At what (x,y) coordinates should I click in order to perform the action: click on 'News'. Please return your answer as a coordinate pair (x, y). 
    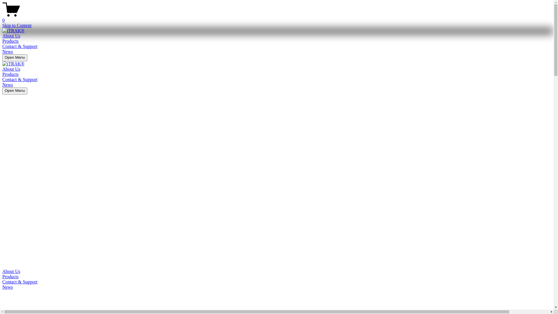
    Looking at the image, I should click on (7, 85).